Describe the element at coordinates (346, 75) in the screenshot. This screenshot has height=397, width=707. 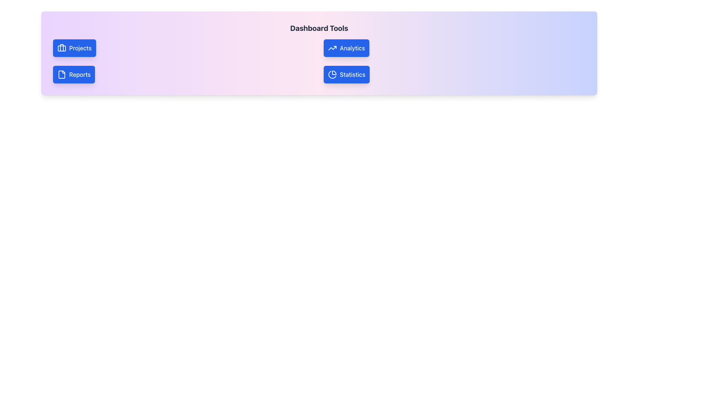
I see `the 'Statistics' button with a blue background, featuring a pie chart icon and white text, located under the 'Analytics' button in the Dashboard Tools section` at that location.